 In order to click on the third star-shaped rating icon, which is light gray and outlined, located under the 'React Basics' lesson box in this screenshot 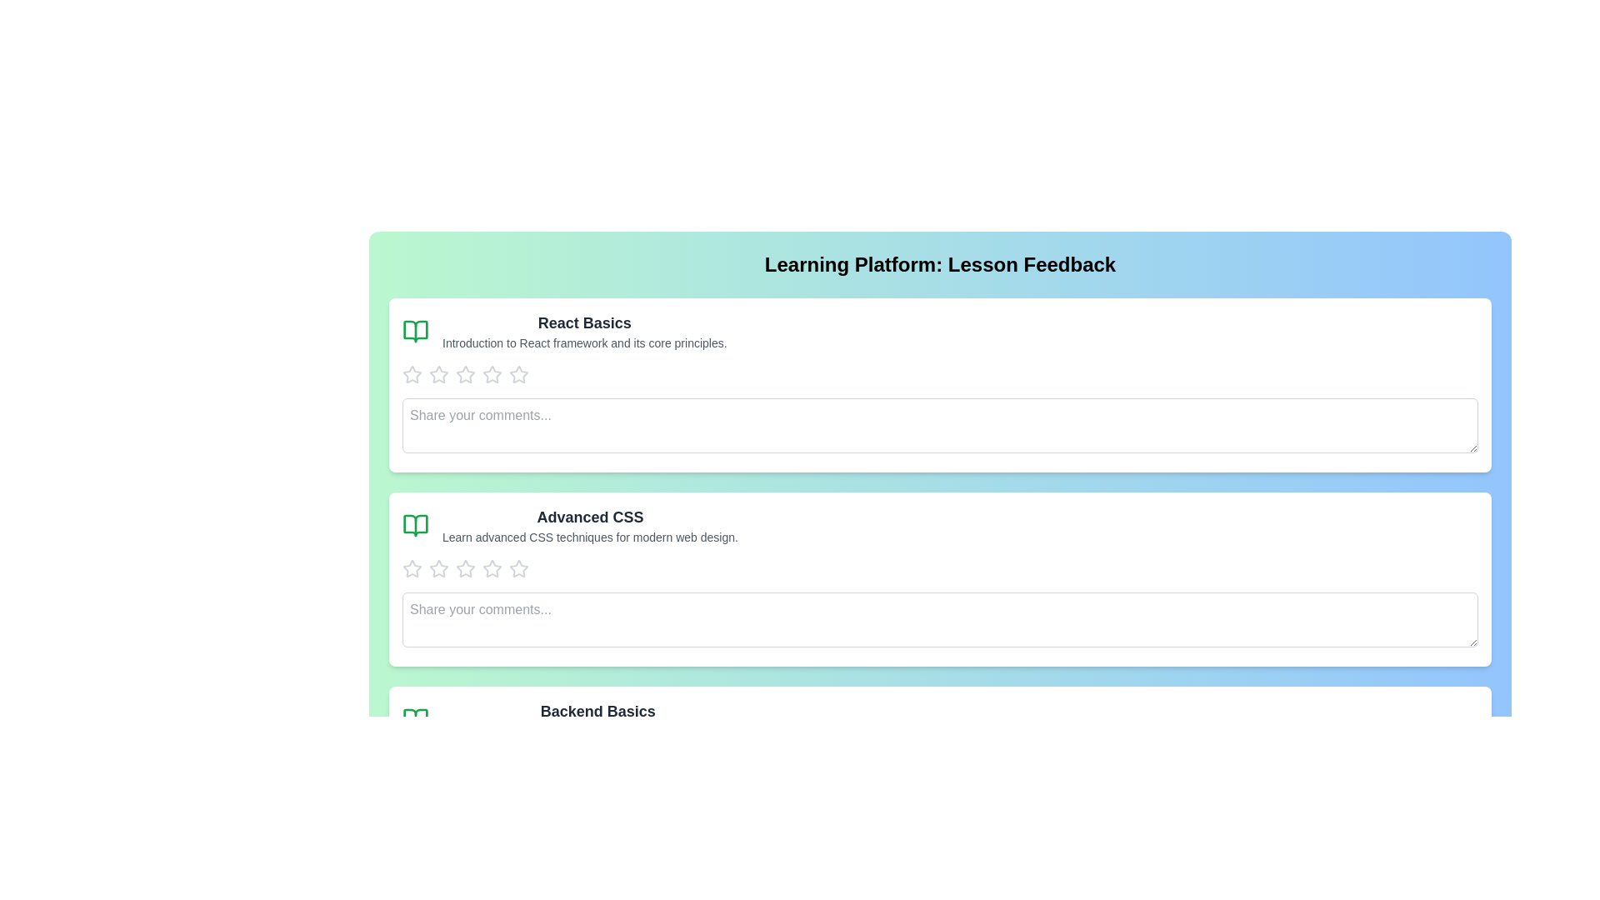, I will do `click(439, 375)`.